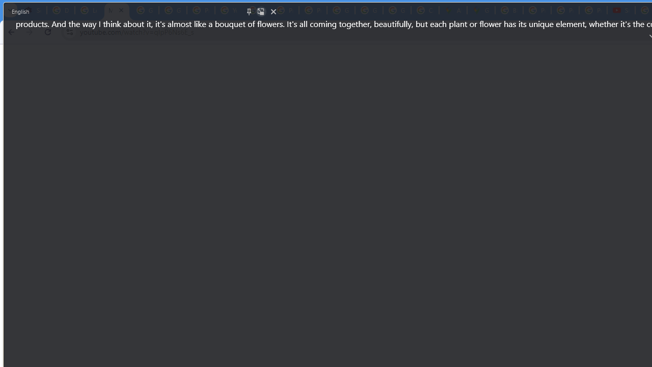 Image resolution: width=652 pixels, height=367 pixels. Describe the element at coordinates (480, 10) in the screenshot. I see `'Google Maps'` at that location.